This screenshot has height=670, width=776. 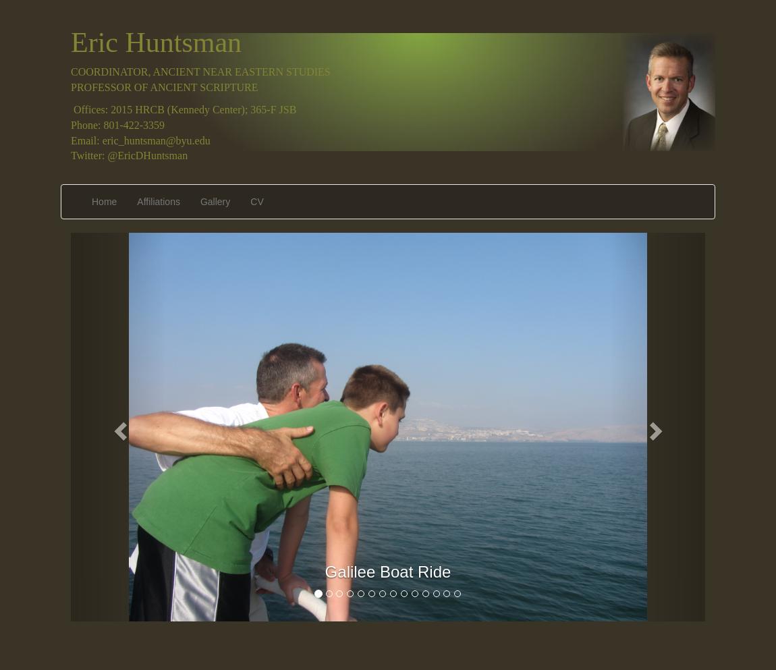 What do you see at coordinates (70, 87) in the screenshot?
I see `'PROFESSOR OF ANCIENT SCRIPTURE'` at bounding box center [70, 87].